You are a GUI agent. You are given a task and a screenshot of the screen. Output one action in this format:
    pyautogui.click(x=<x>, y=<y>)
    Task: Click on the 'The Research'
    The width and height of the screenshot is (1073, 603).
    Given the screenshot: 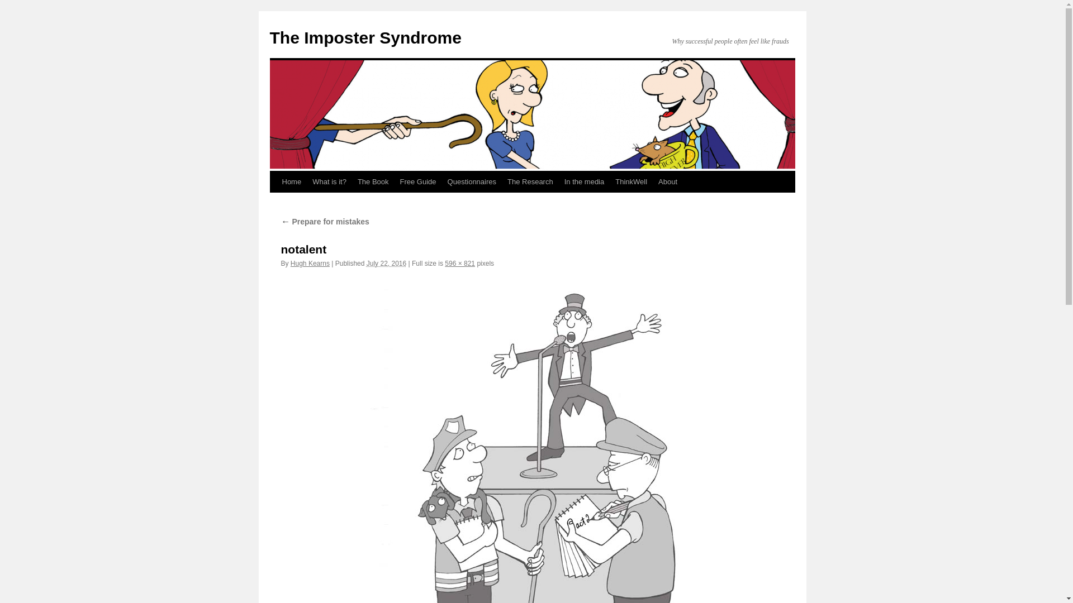 What is the action you would take?
    pyautogui.click(x=501, y=181)
    